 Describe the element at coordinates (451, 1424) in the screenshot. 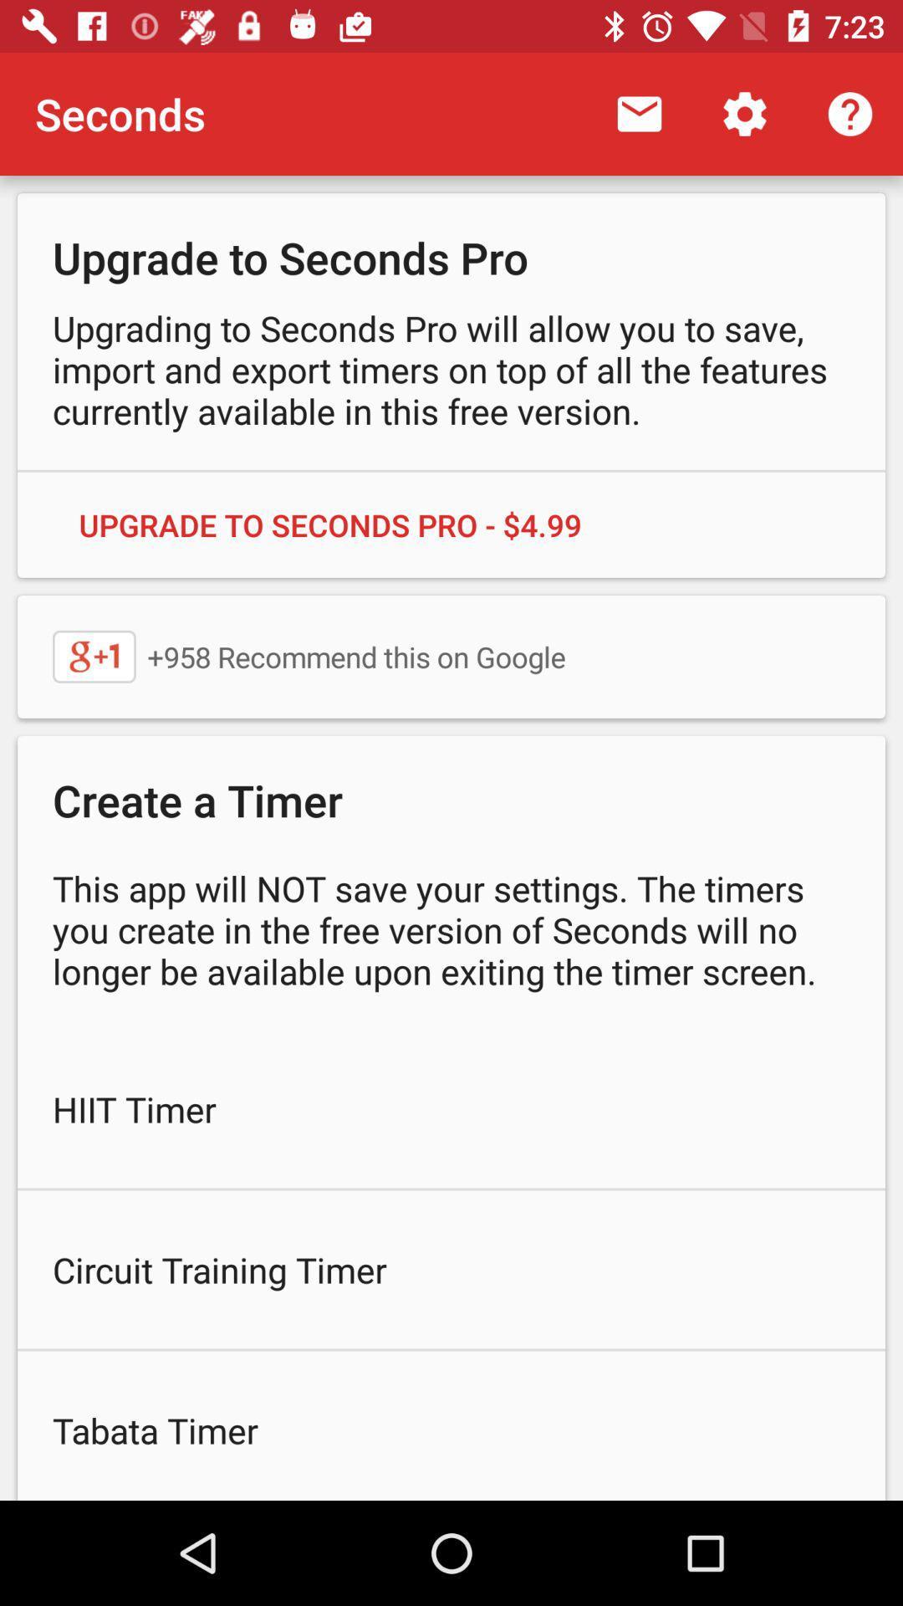

I see `tabata timer item` at that location.